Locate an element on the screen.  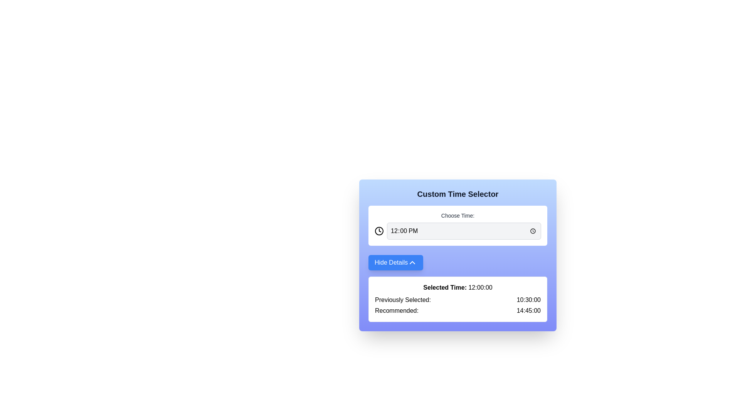
the static text label that serves as the title for the custom time selector interface, positioned at the top of the interface is located at coordinates (458, 194).